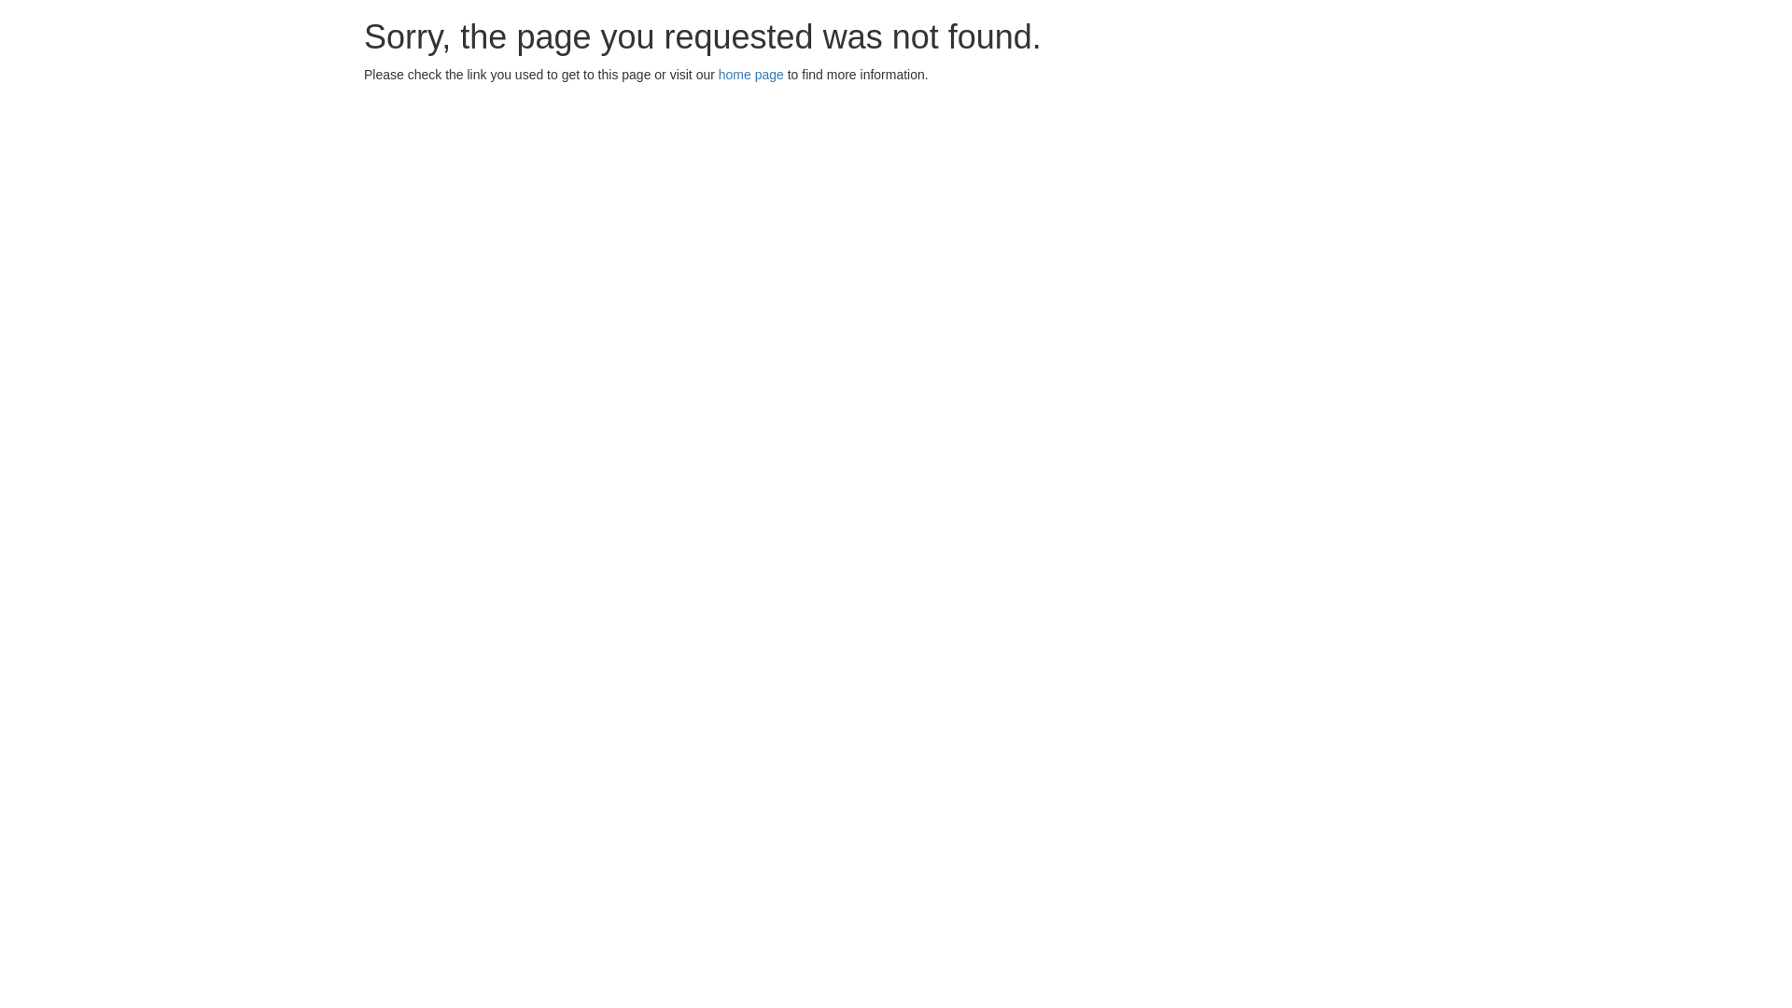 The height and width of the screenshot is (1008, 1792). I want to click on 'home page', so click(751, 74).